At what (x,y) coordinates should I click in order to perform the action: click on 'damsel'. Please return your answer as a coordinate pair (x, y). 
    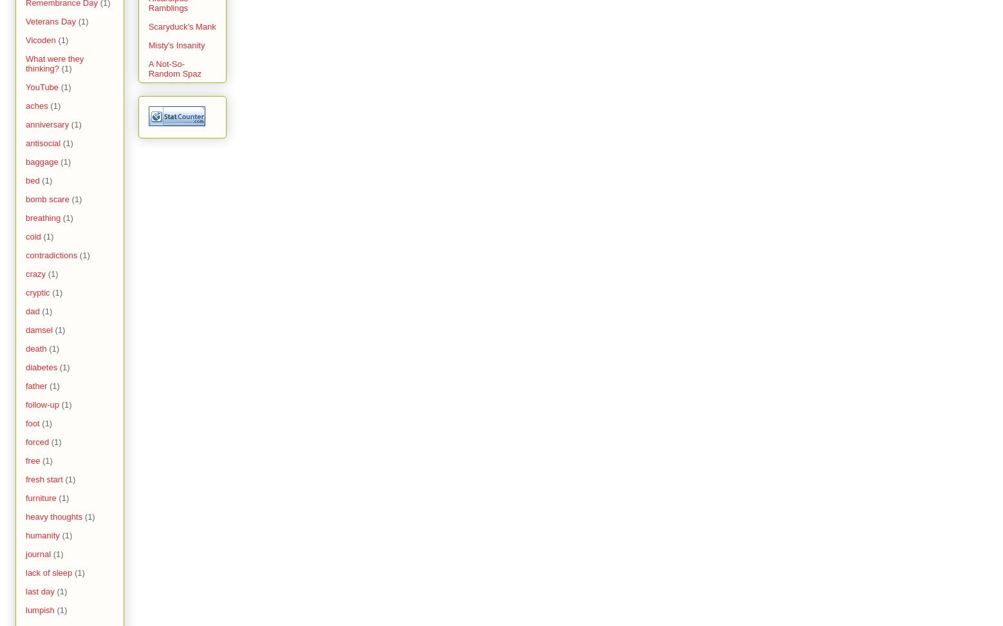
    Looking at the image, I should click on (39, 330).